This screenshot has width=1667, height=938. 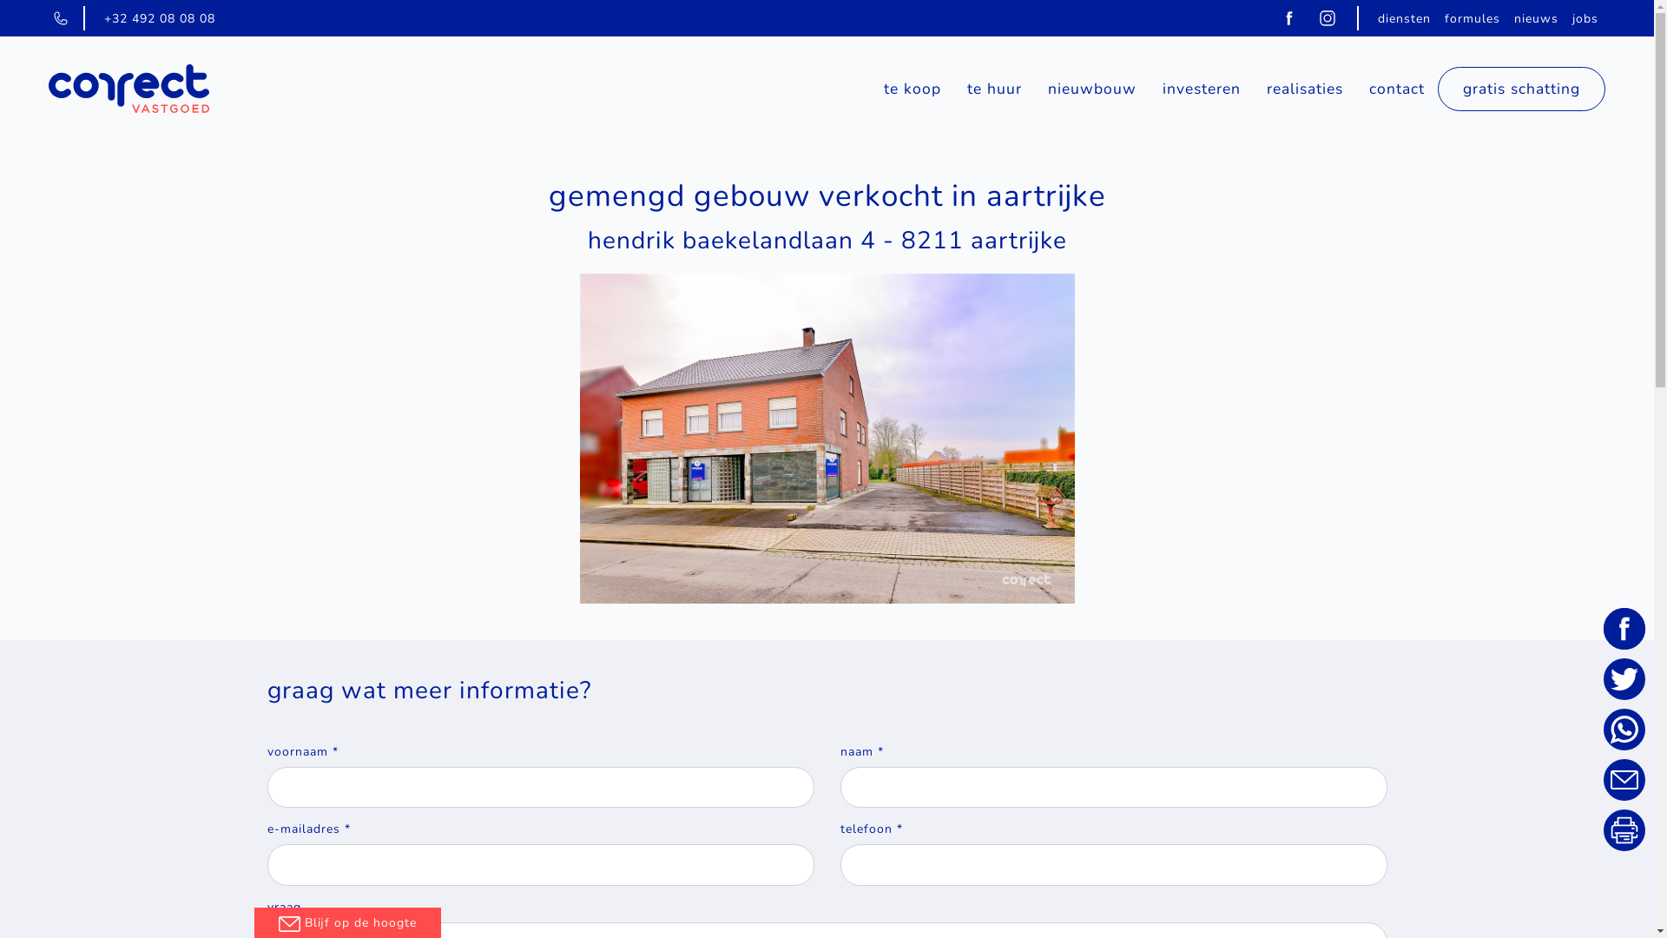 What do you see at coordinates (159, 17) in the screenshot?
I see `'+32 492 08 08 08'` at bounding box center [159, 17].